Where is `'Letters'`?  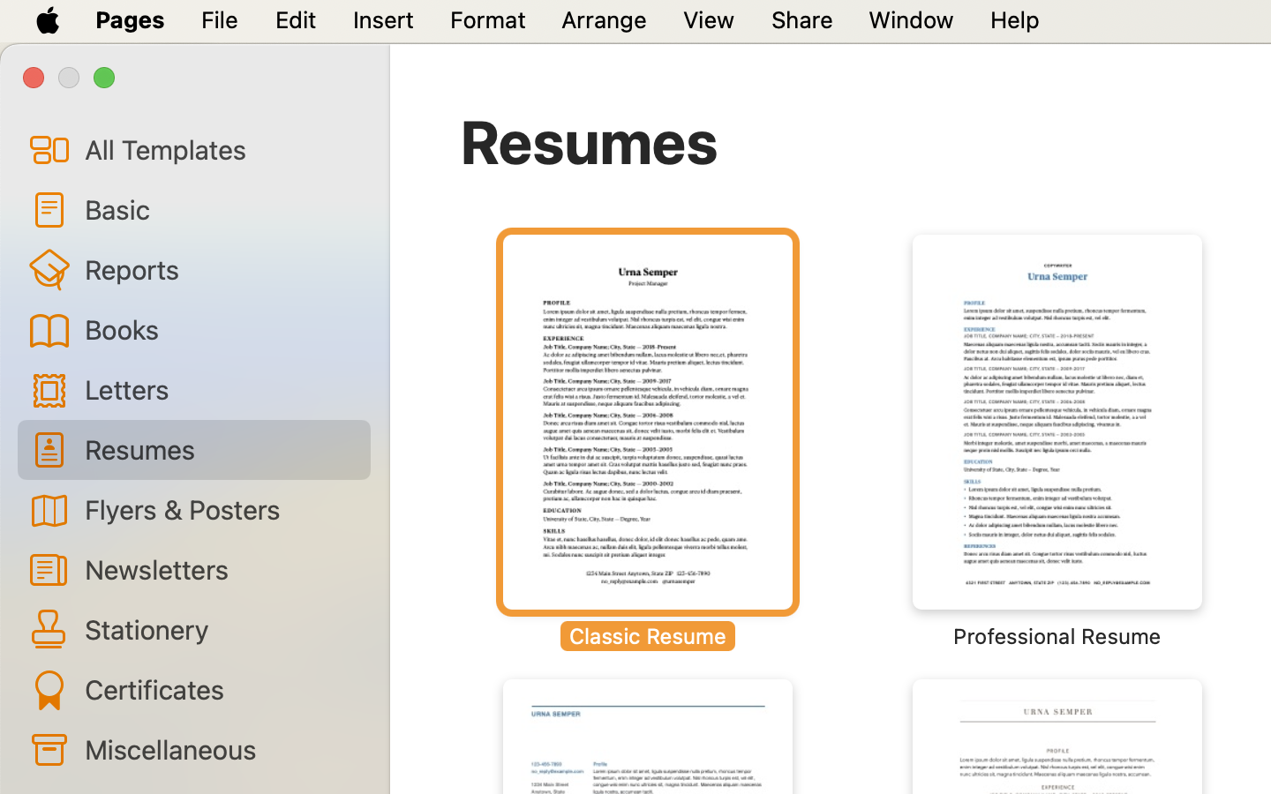 'Letters' is located at coordinates (219, 389).